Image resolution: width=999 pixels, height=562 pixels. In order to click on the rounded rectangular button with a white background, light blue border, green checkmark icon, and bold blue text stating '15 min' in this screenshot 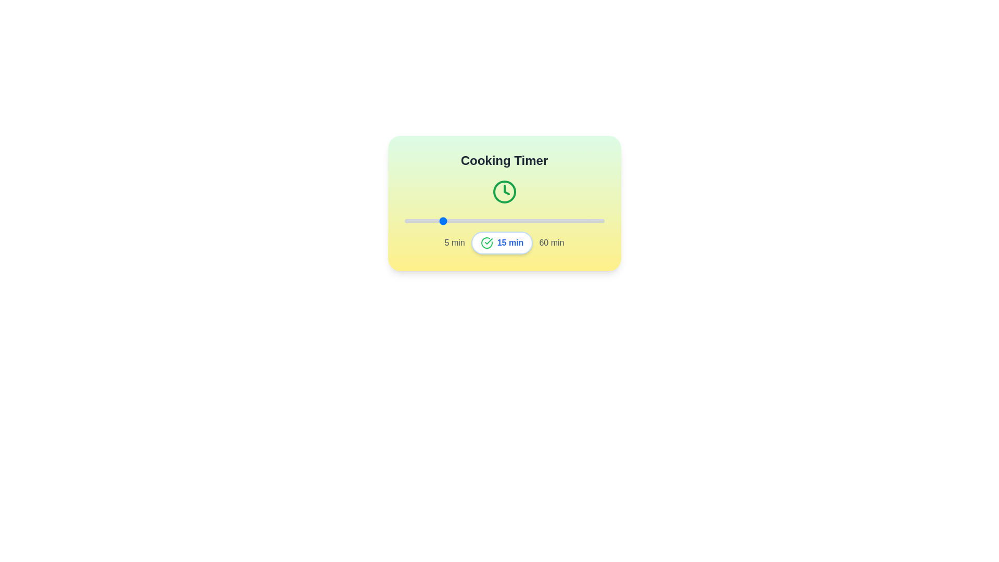, I will do `click(502, 242)`.